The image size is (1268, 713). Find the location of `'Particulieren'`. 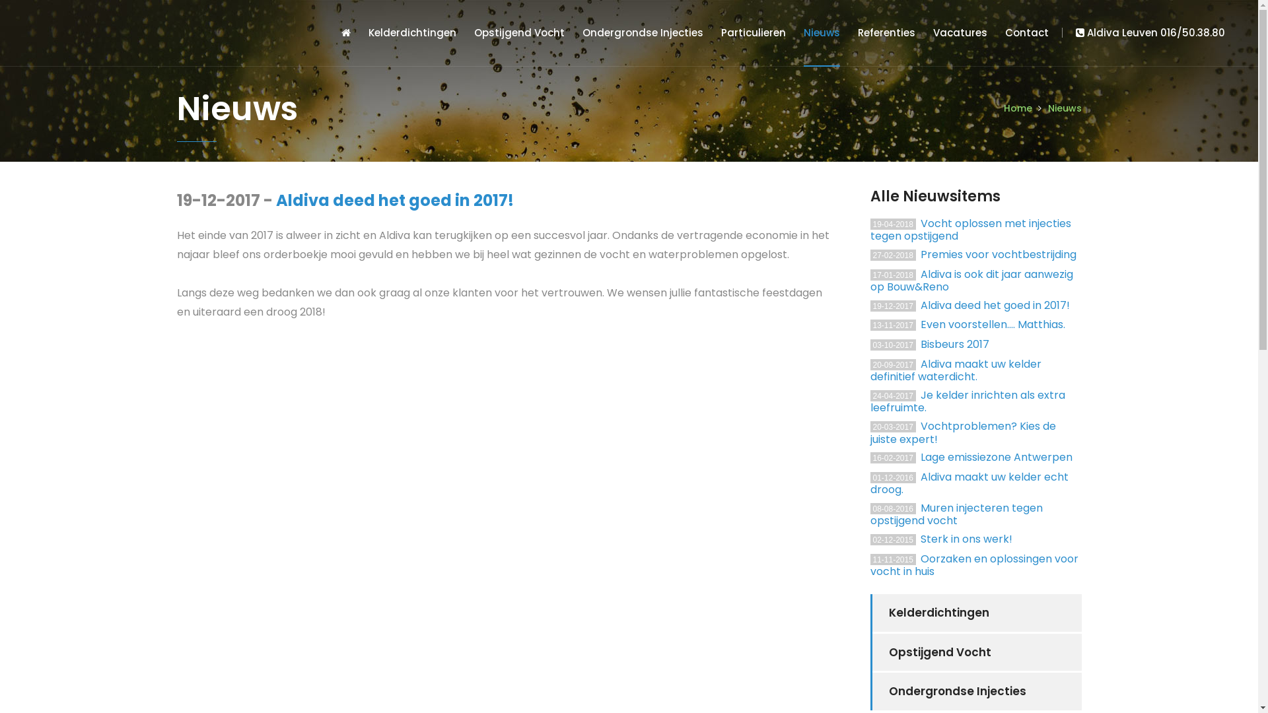

'Particulieren' is located at coordinates (754, 32).